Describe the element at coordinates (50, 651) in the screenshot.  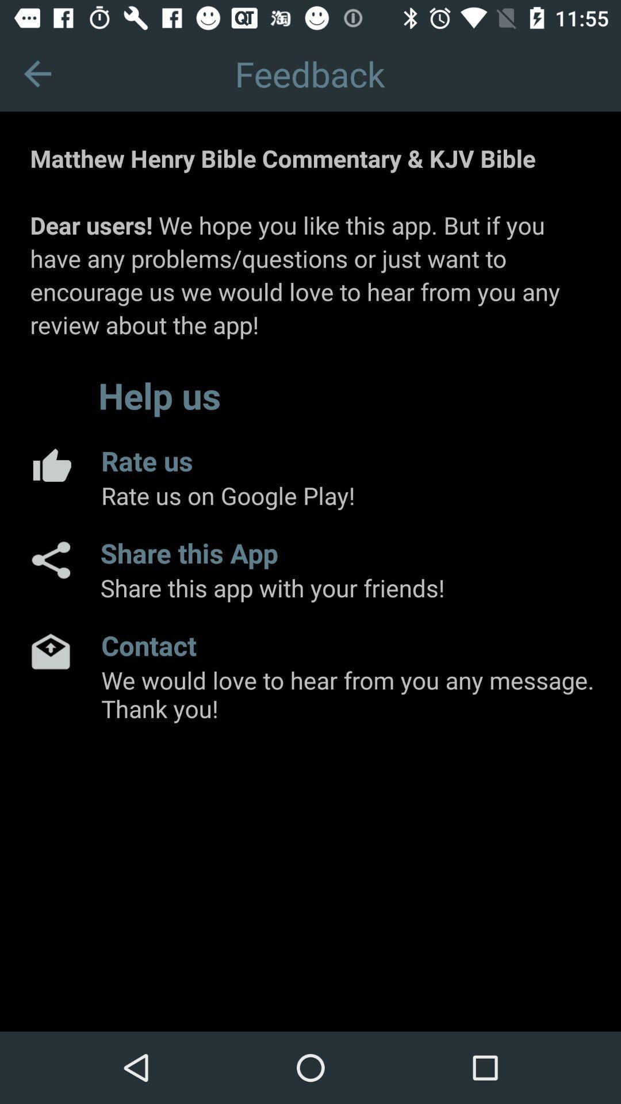
I see `app to the left of contact item` at that location.